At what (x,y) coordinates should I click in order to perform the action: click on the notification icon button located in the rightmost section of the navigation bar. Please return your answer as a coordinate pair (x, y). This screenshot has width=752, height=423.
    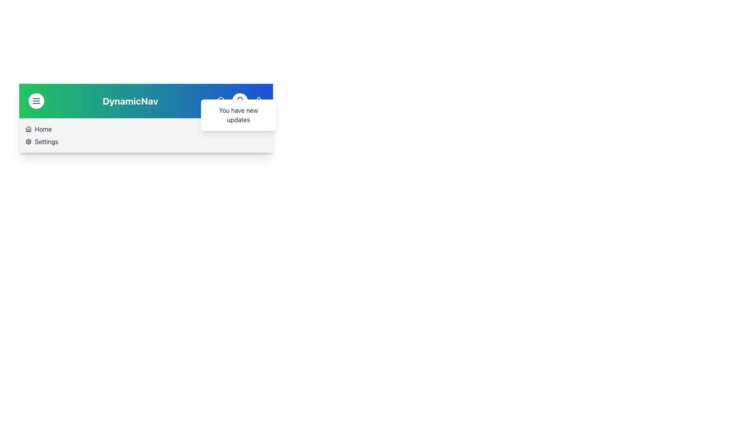
    Looking at the image, I should click on (240, 101).